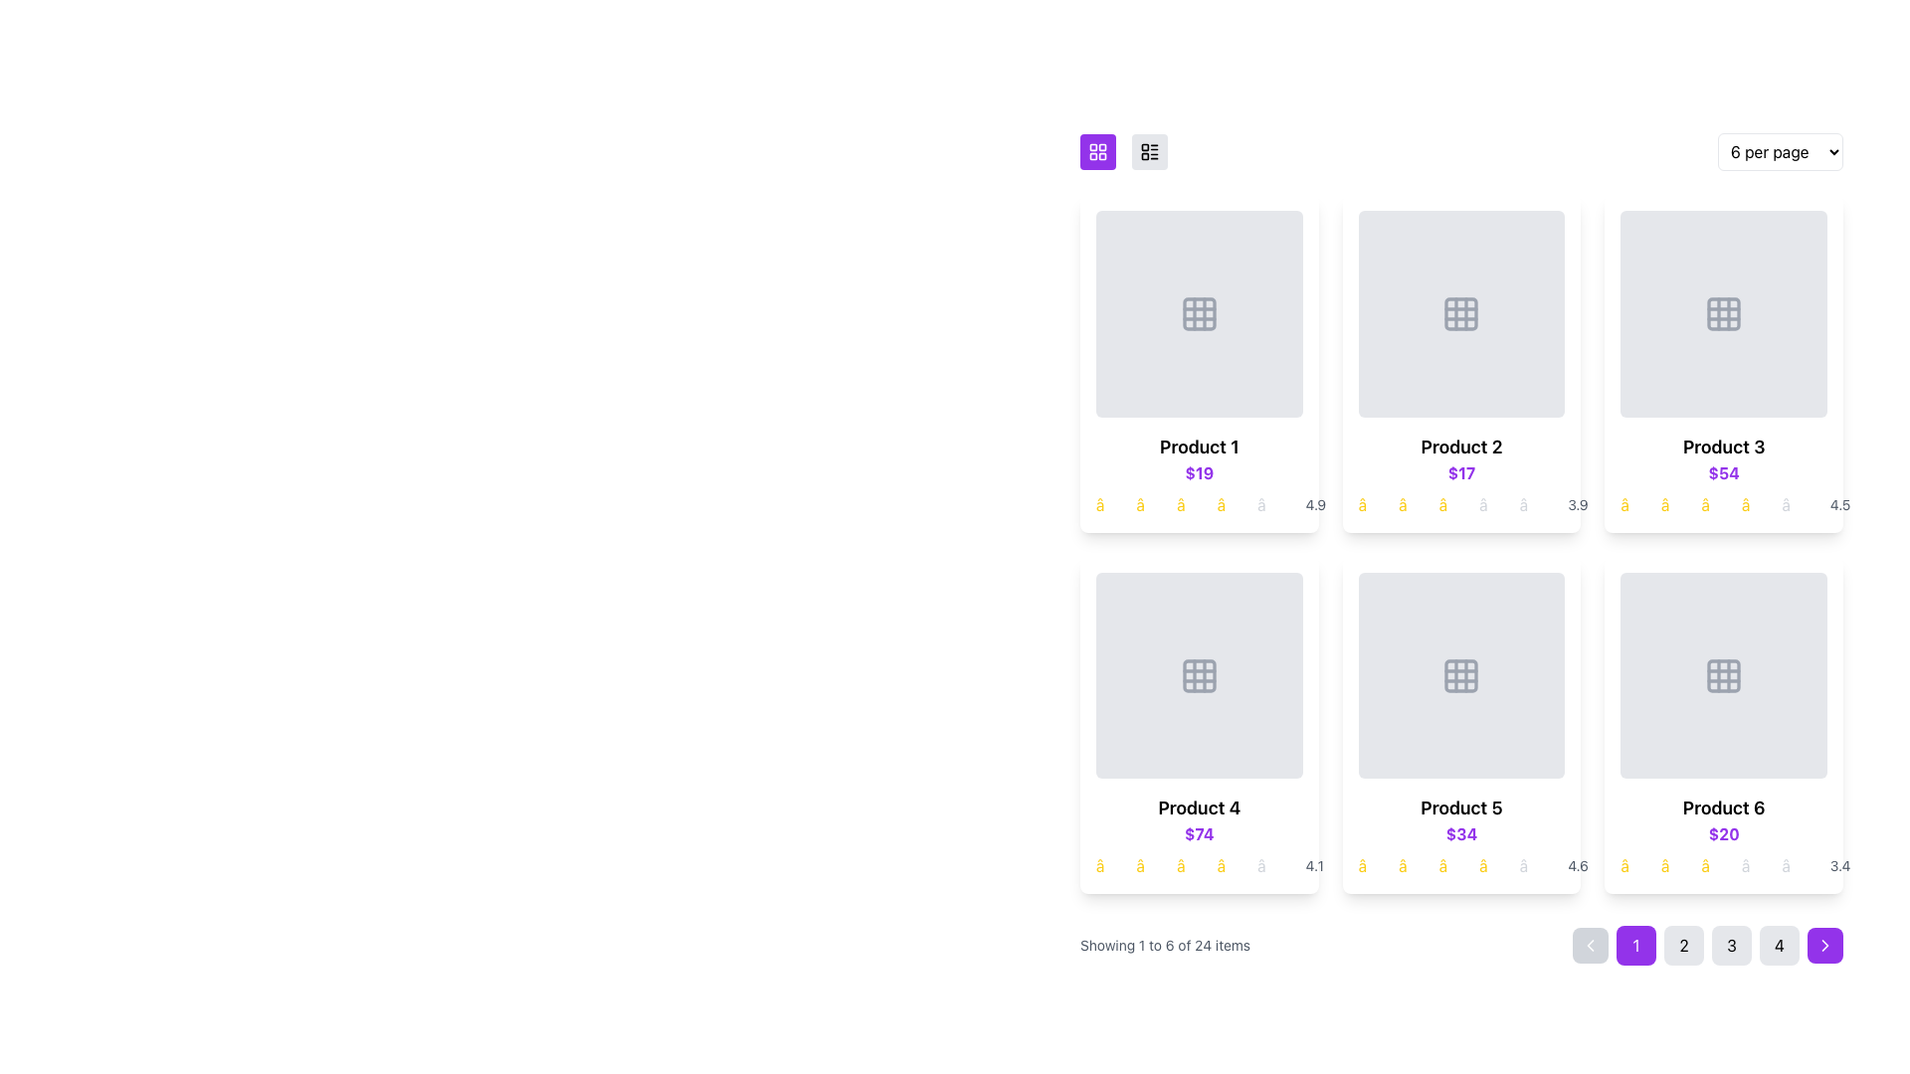 This screenshot has height=1074, width=1910. I want to click on the grid icon representing 'Product 6' located at the bottom-right position of the product grid, so click(1723, 674).